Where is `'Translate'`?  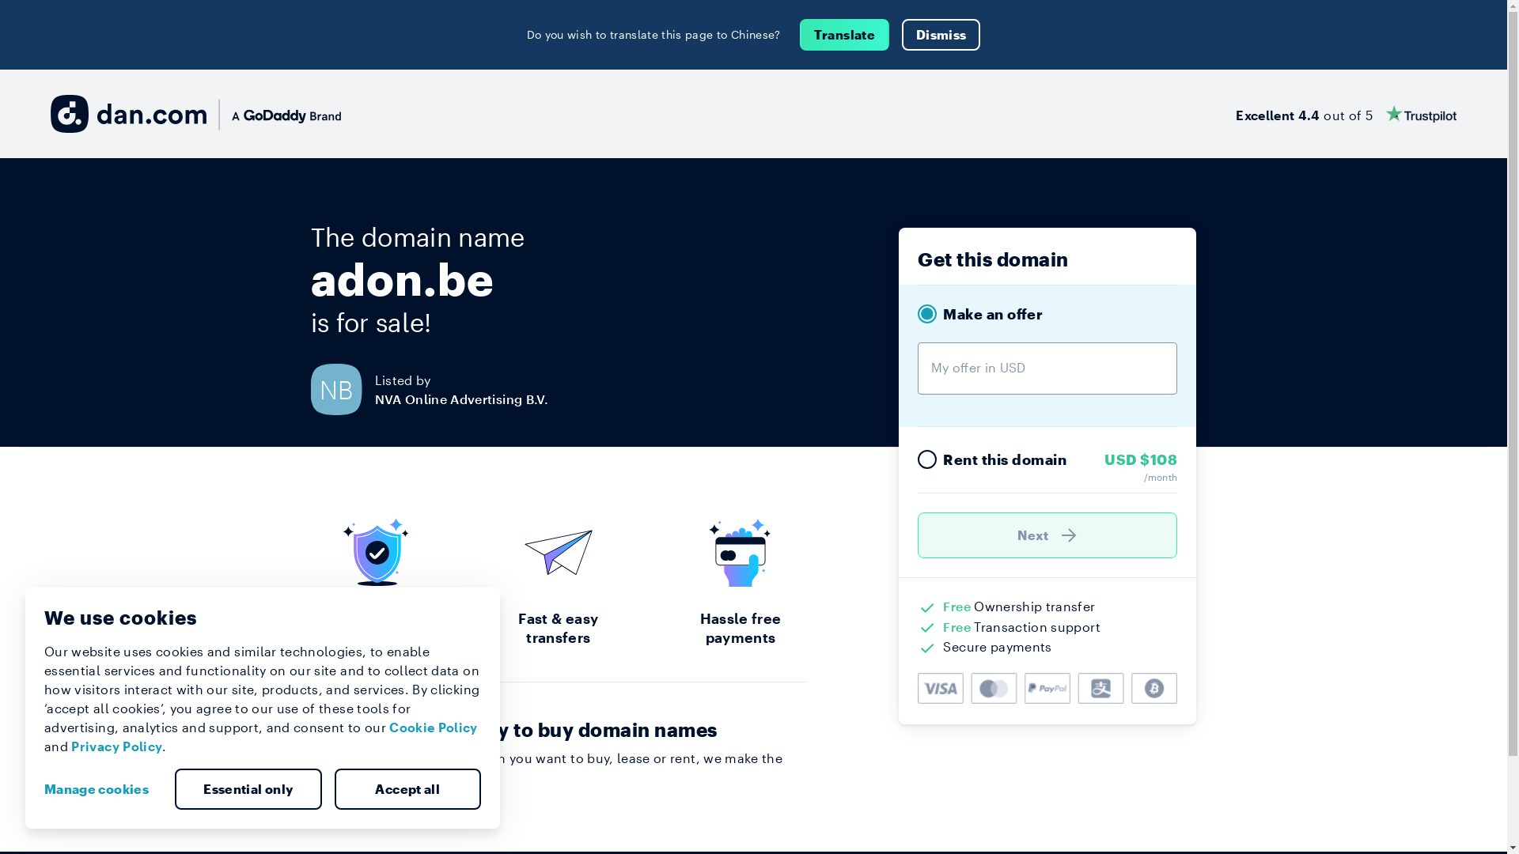
'Translate' is located at coordinates (843, 34).